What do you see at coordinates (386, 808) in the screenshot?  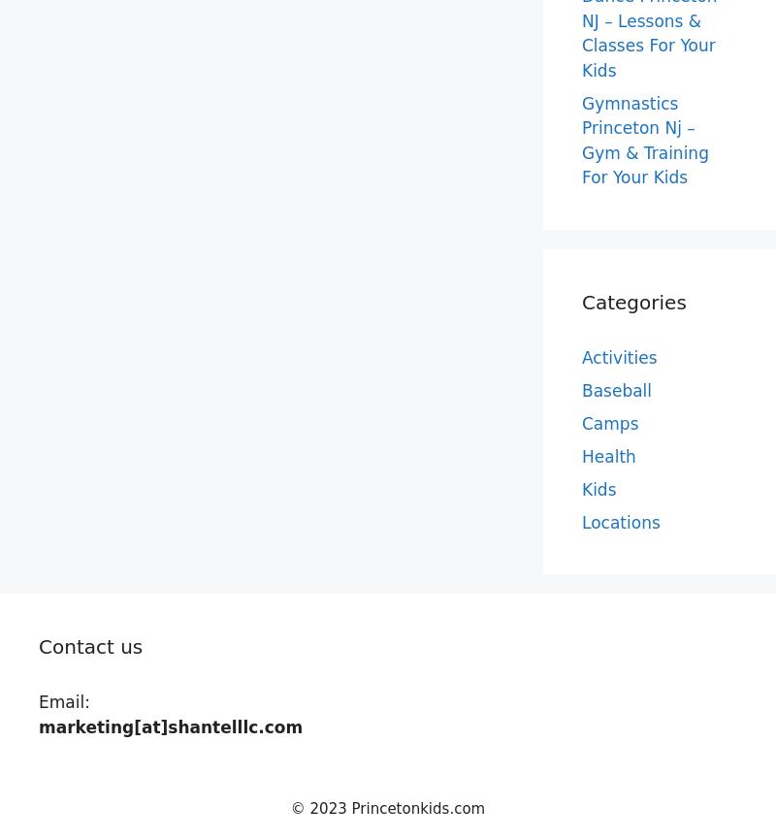 I see `'© 2023 Princetonkids.com'` at bounding box center [386, 808].